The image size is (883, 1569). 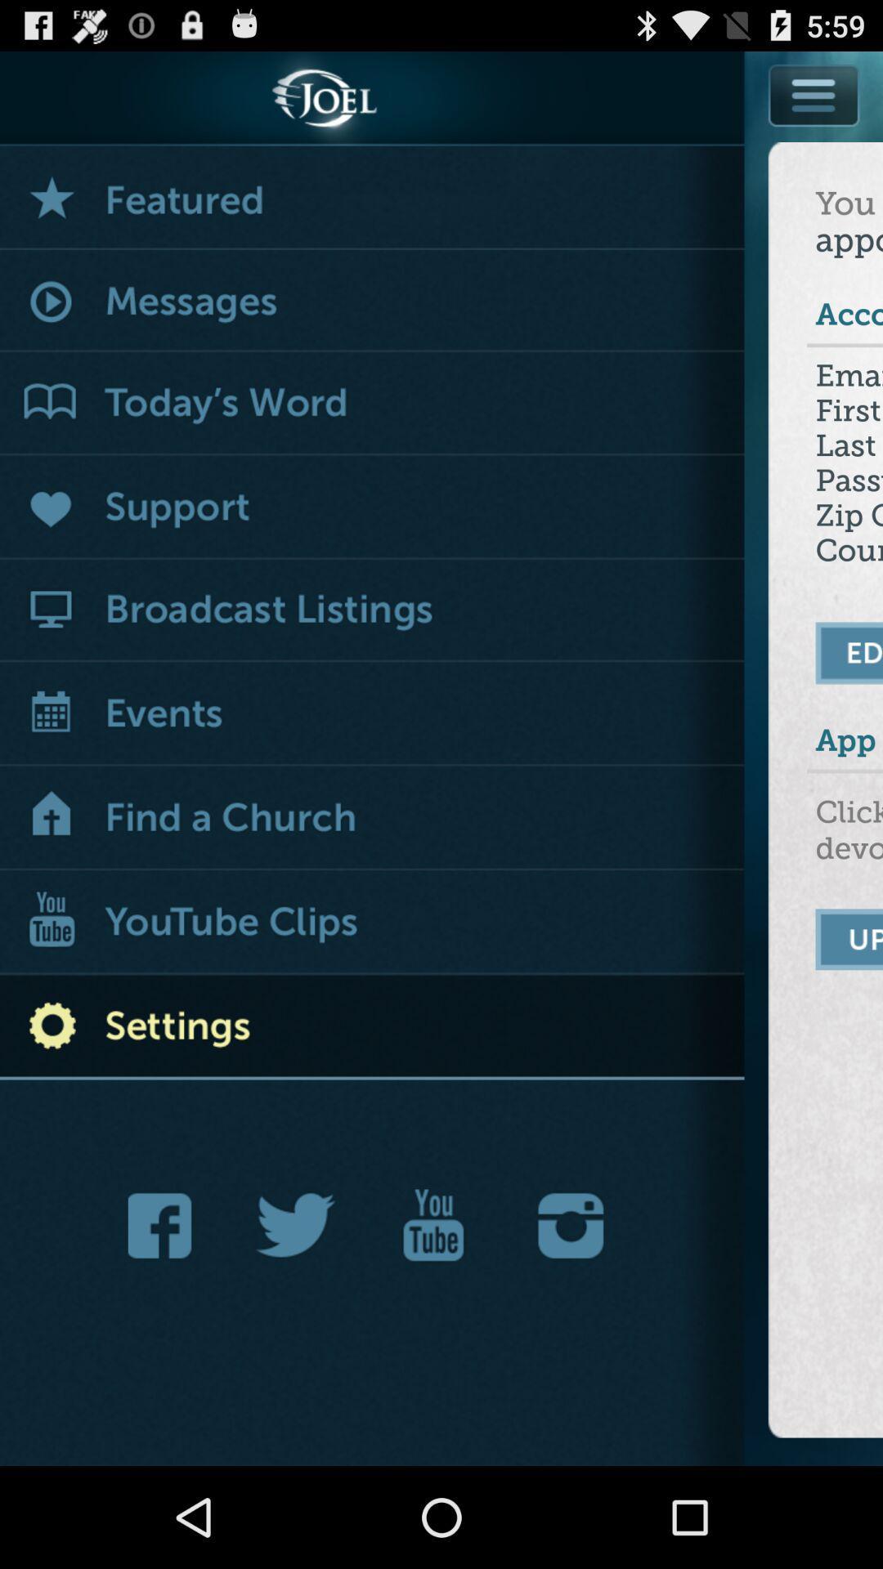 What do you see at coordinates (372, 302) in the screenshot?
I see `hit the messages option` at bounding box center [372, 302].